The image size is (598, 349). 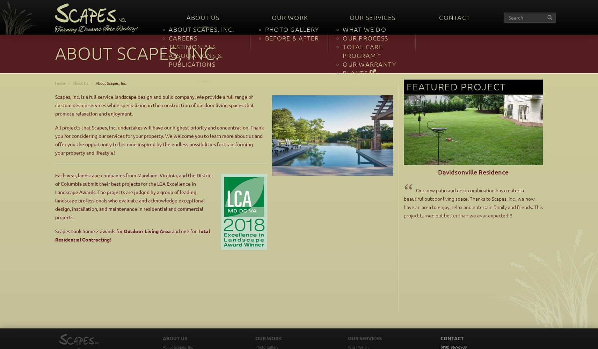 I want to click on 'Home', so click(x=54, y=83).